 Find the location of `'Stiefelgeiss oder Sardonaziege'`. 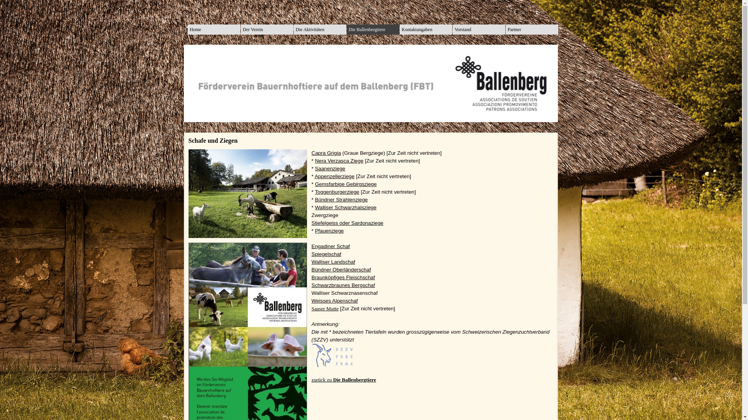

'Stiefelgeiss oder Sardonaziege' is located at coordinates (347, 223).